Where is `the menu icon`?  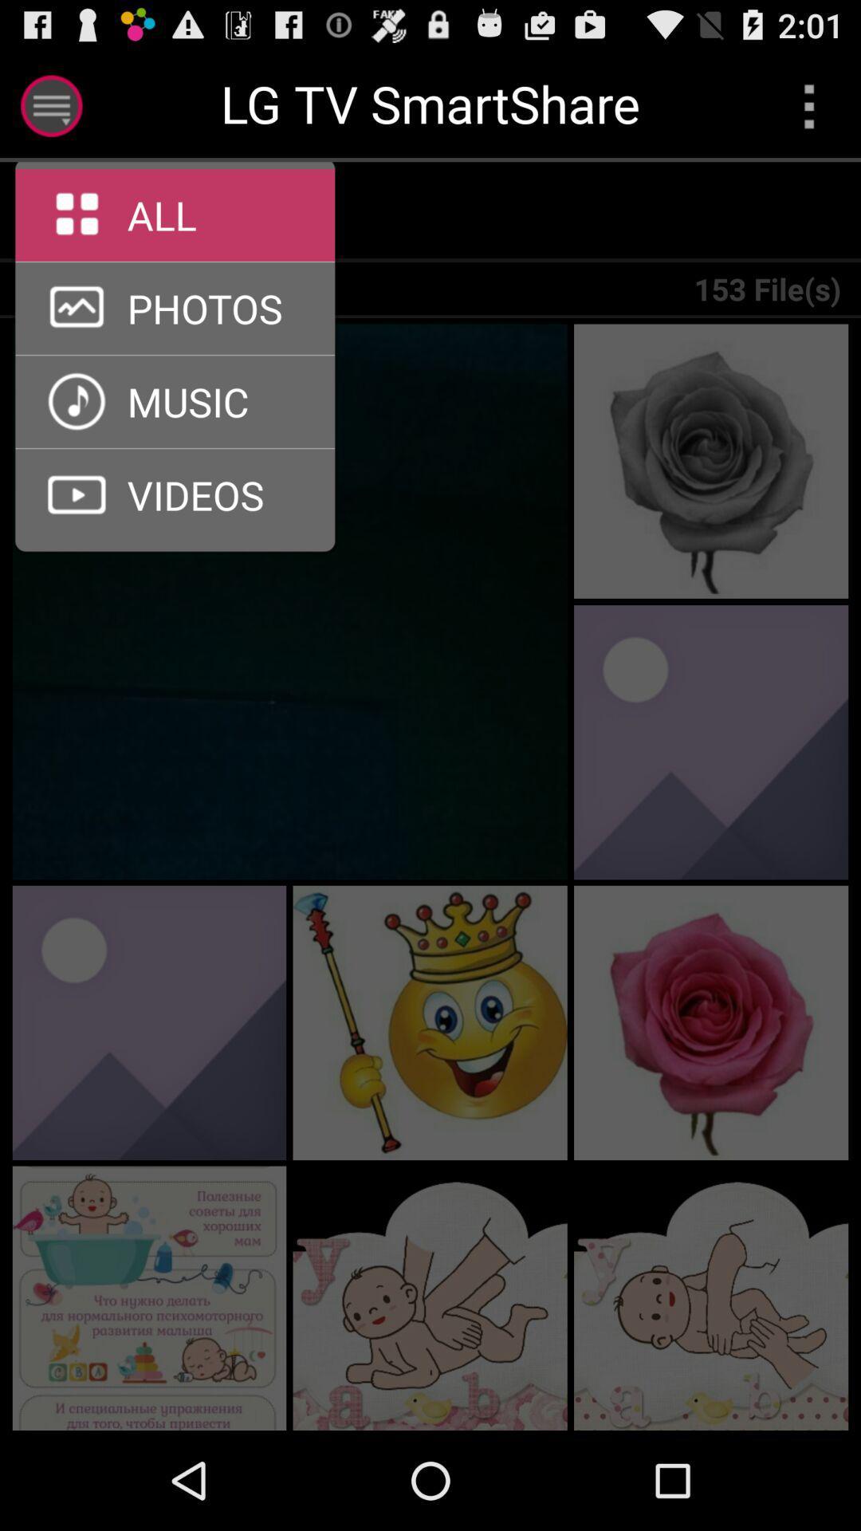 the menu icon is located at coordinates (50, 112).